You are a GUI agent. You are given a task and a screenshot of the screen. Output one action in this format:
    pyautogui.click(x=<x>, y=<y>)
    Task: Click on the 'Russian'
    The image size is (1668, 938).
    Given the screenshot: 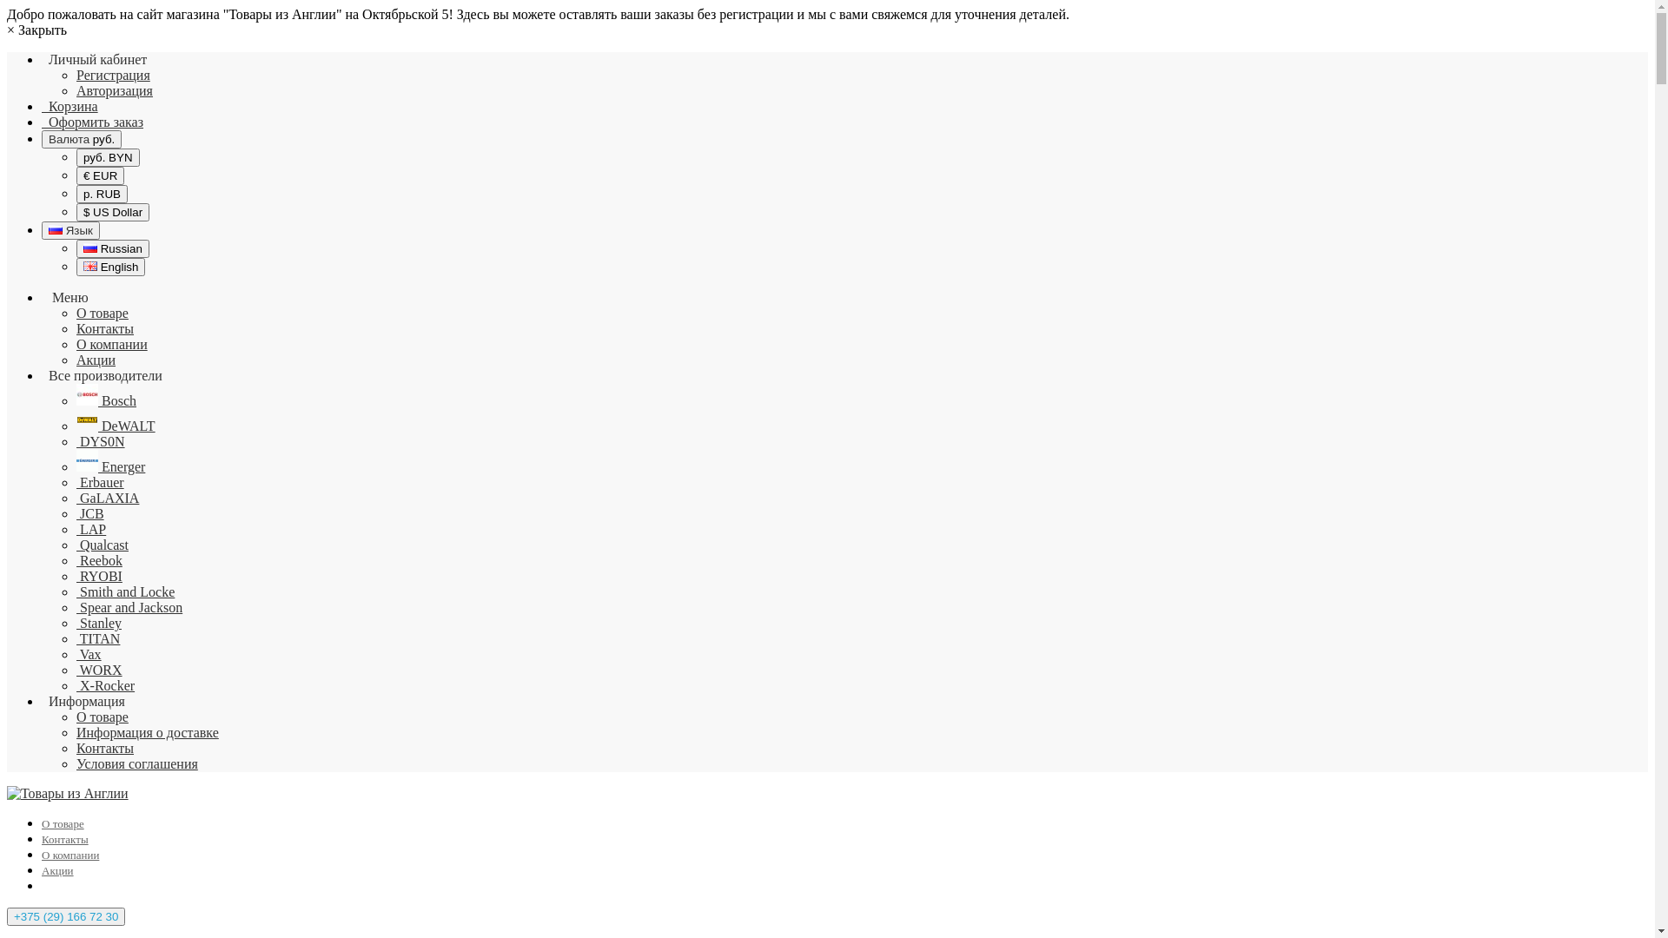 What is the action you would take?
    pyautogui.click(x=111, y=248)
    